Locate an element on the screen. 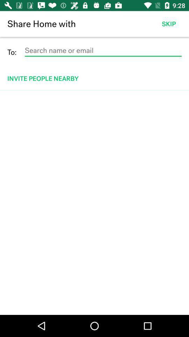 The image size is (189, 337). the invite people nearby is located at coordinates (95, 78).